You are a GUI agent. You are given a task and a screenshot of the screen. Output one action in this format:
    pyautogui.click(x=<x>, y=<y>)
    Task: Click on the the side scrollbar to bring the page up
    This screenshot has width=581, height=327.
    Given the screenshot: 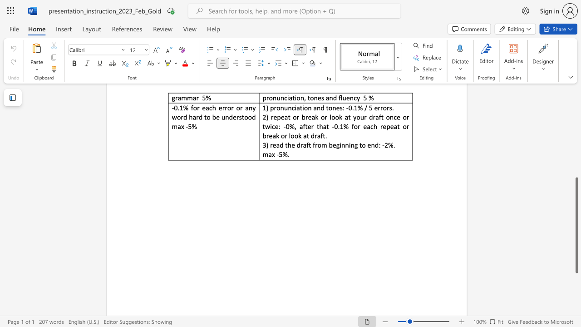 What is the action you would take?
    pyautogui.click(x=576, y=136)
    